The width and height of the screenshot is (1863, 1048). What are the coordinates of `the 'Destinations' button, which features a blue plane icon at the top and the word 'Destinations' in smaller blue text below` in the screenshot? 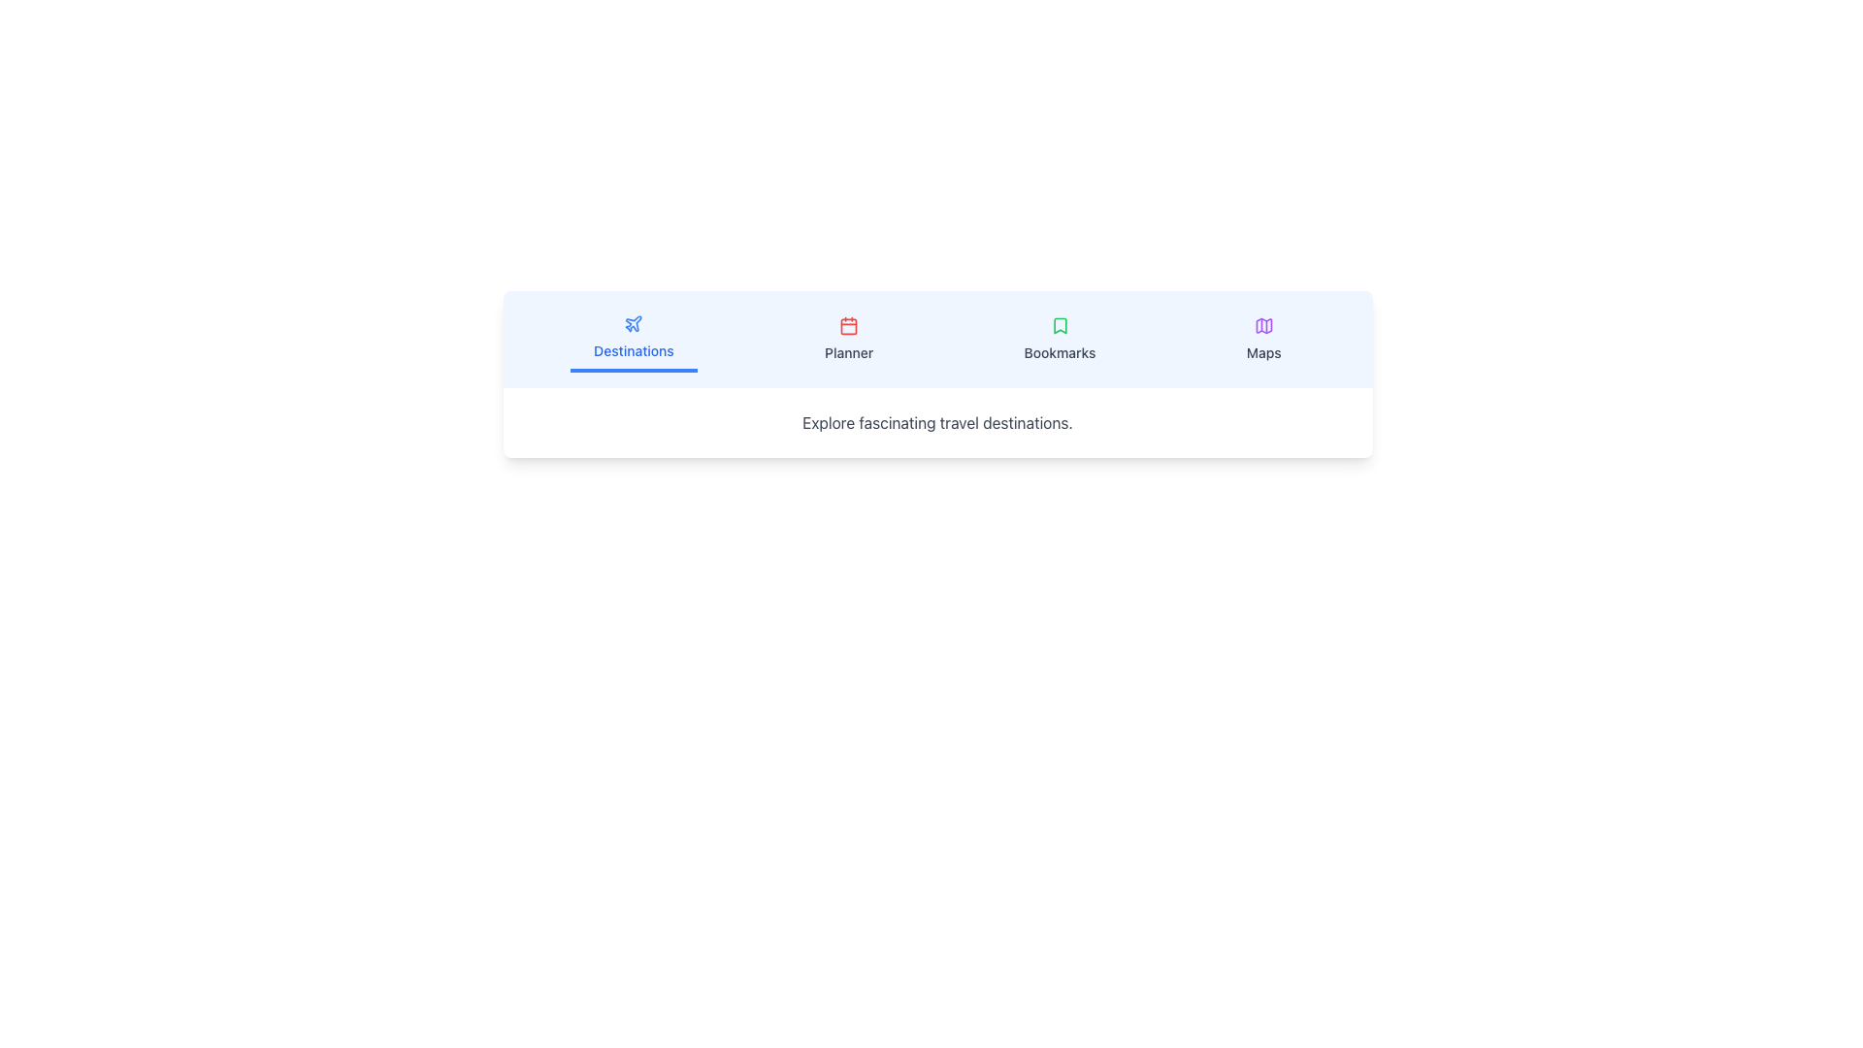 It's located at (634, 339).